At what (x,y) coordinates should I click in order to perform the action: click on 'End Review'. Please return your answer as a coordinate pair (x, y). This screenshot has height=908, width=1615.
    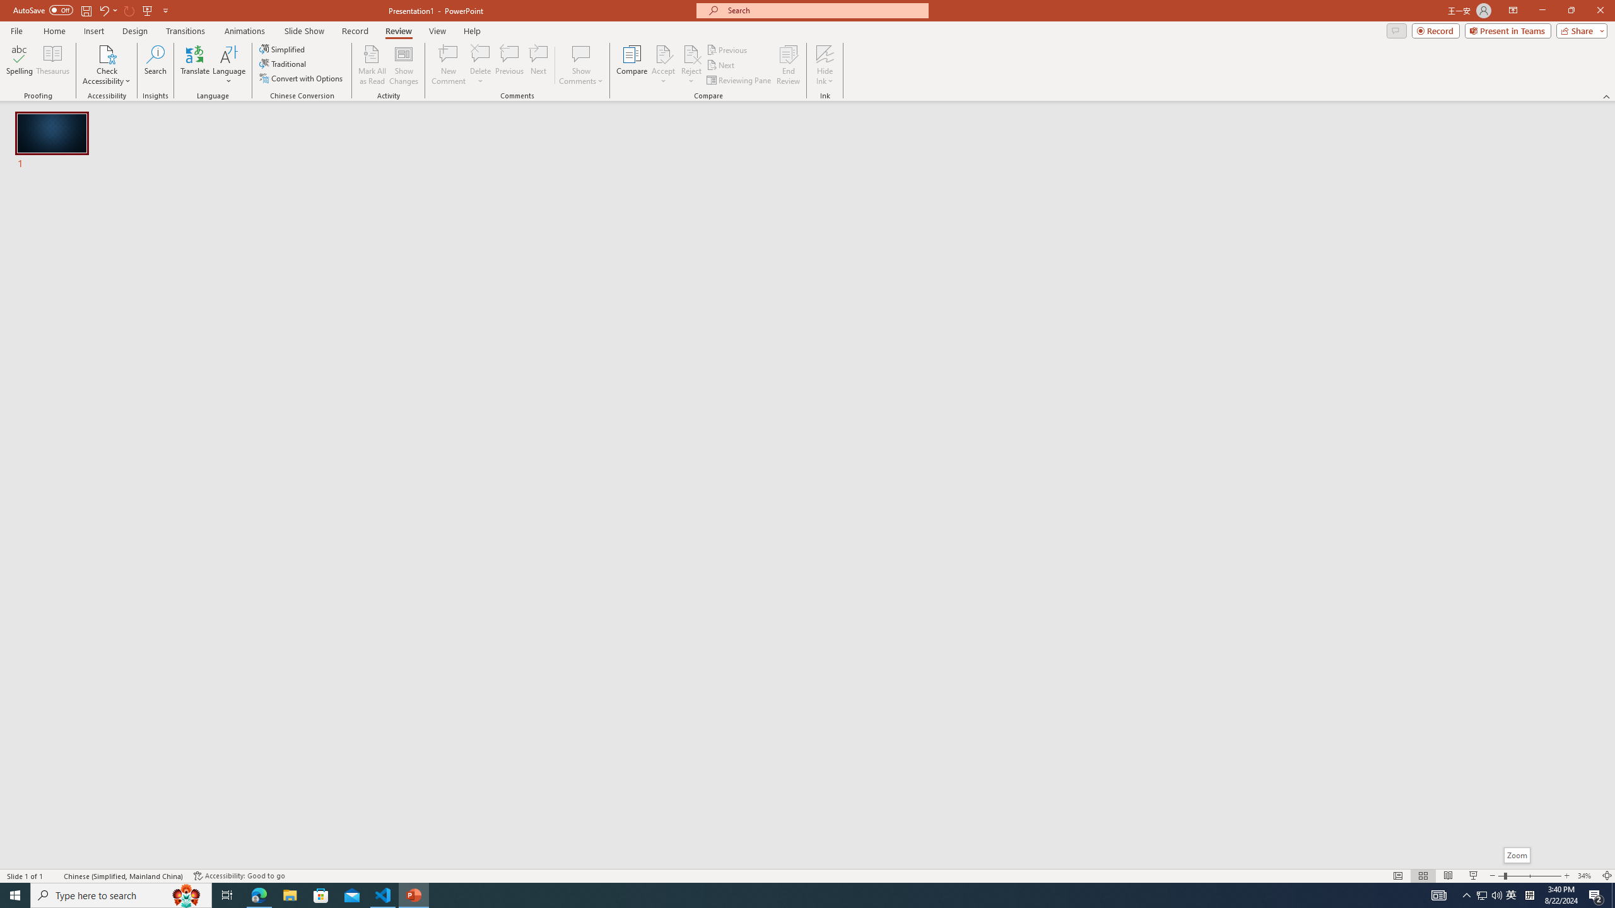
    Looking at the image, I should click on (787, 65).